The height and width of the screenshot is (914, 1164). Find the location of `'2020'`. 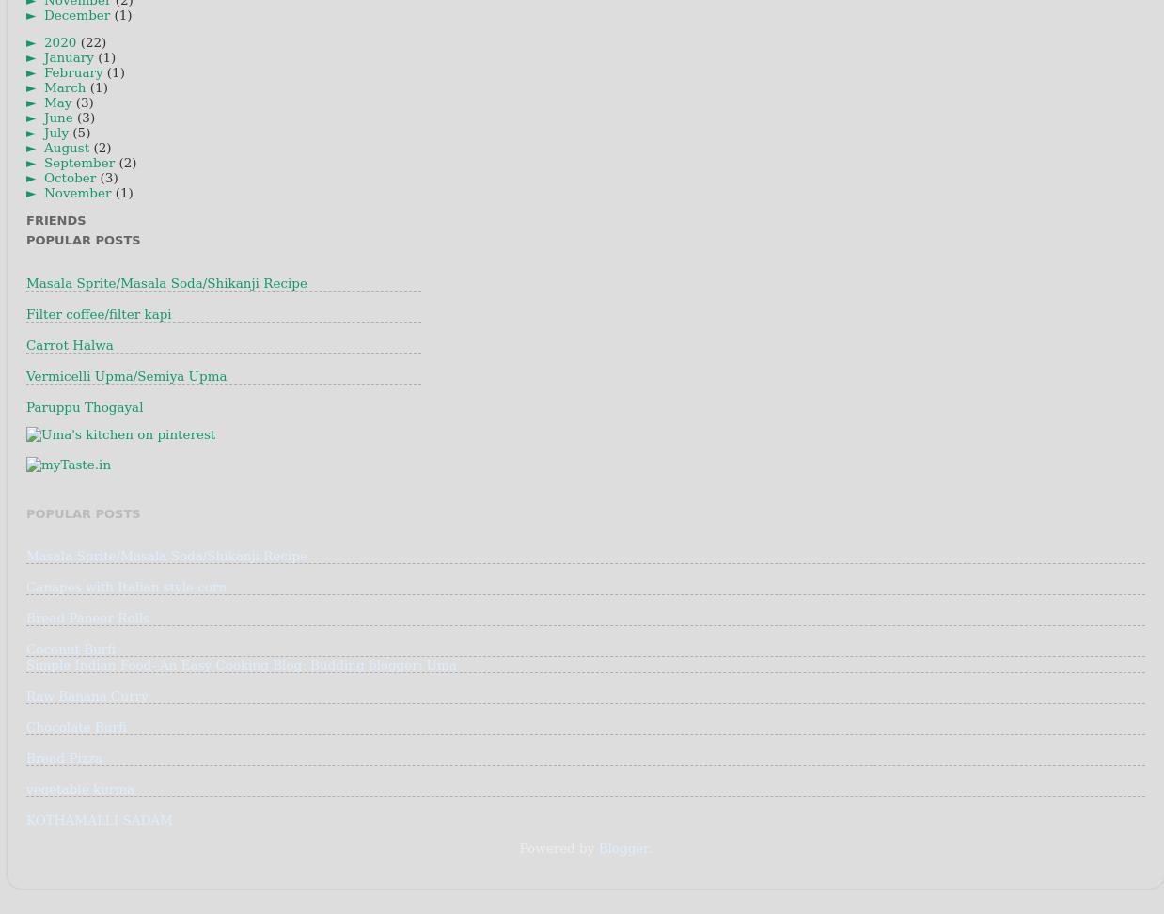

'2020' is located at coordinates (42, 42).